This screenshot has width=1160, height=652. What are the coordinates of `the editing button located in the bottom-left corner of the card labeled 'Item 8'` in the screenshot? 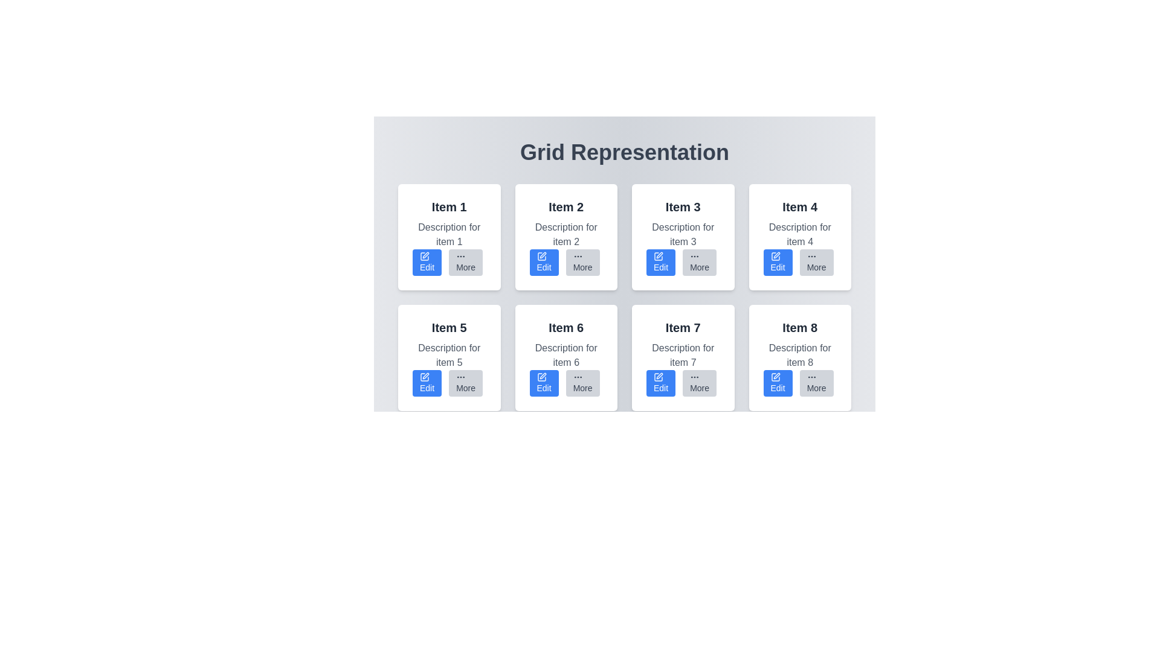 It's located at (778, 383).